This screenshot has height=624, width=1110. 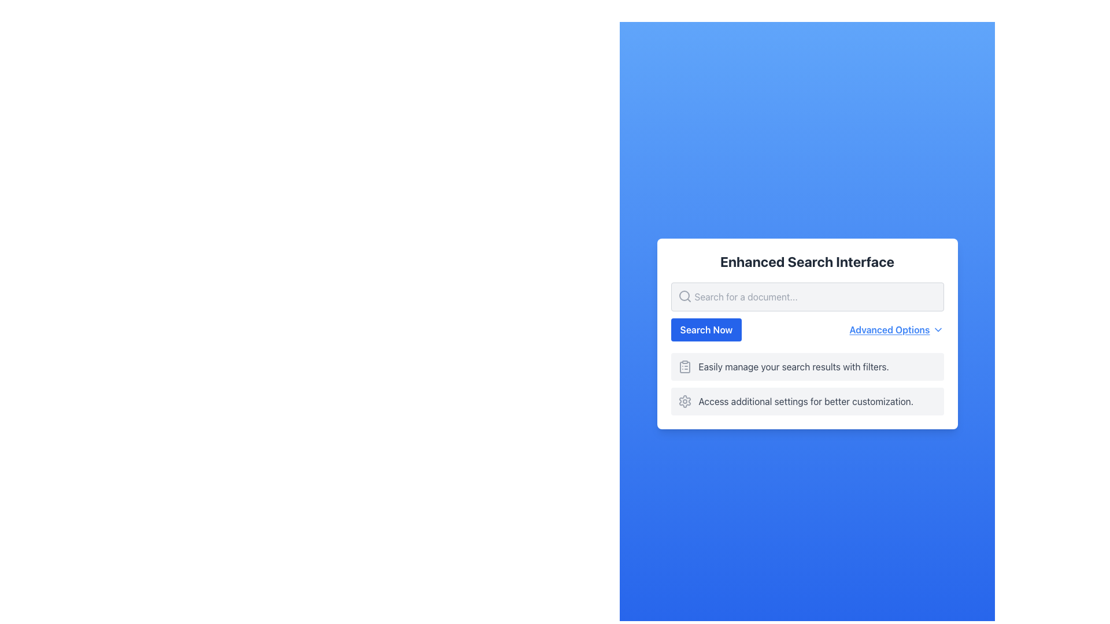 What do you see at coordinates (805, 400) in the screenshot?
I see `the text label reading 'Access additional settings for better customization.' which is located at the center bottom of the interface within a light gray box` at bounding box center [805, 400].